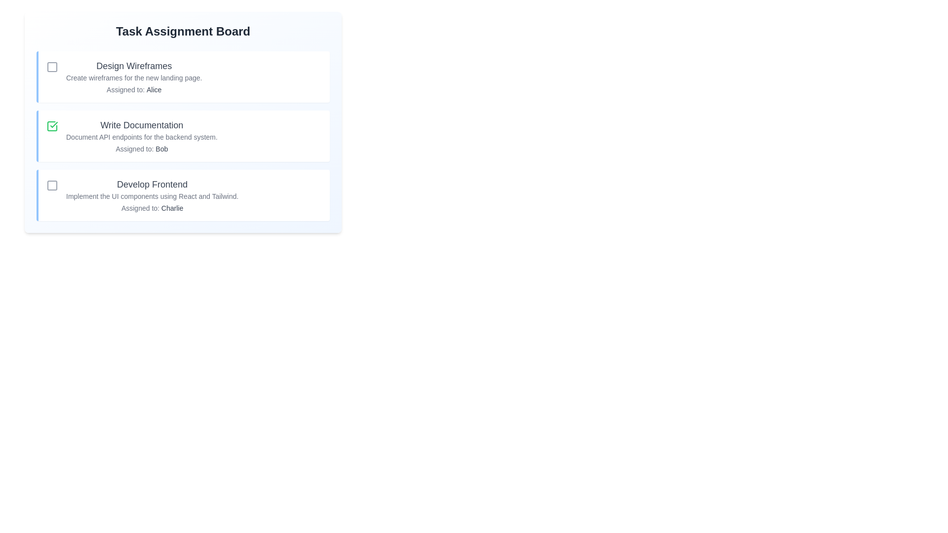 The height and width of the screenshot is (533, 948). What do you see at coordinates (51, 125) in the screenshot?
I see `the green checkmark checkbox located on the left side of the 'Write Documentation' task` at bounding box center [51, 125].